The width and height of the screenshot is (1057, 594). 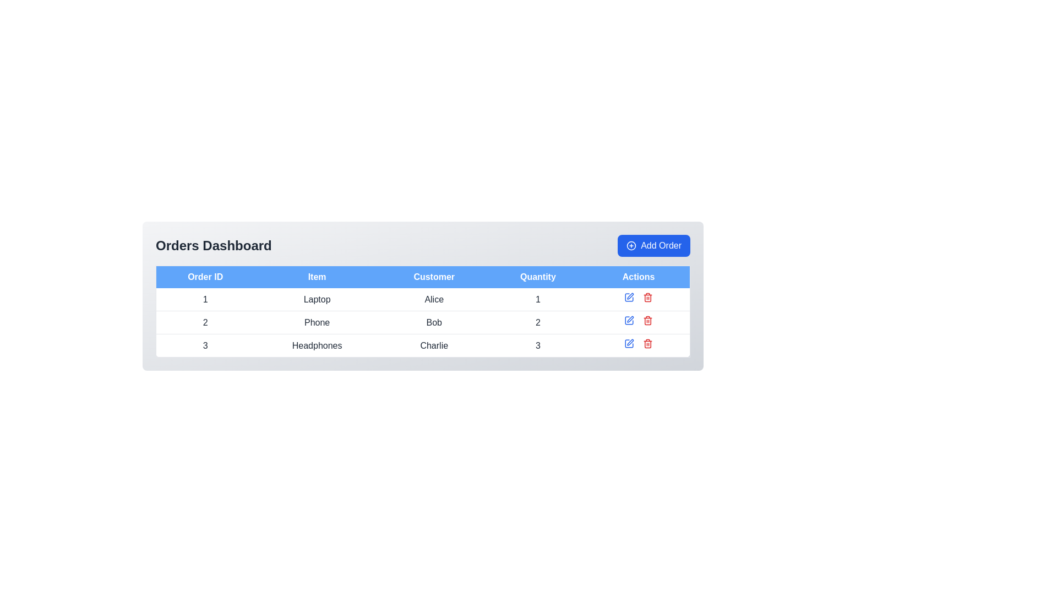 I want to click on the delete icon in the Actions cell of the second row for customer 'Bob', which is the fifth cell in that row, so click(x=639, y=322).